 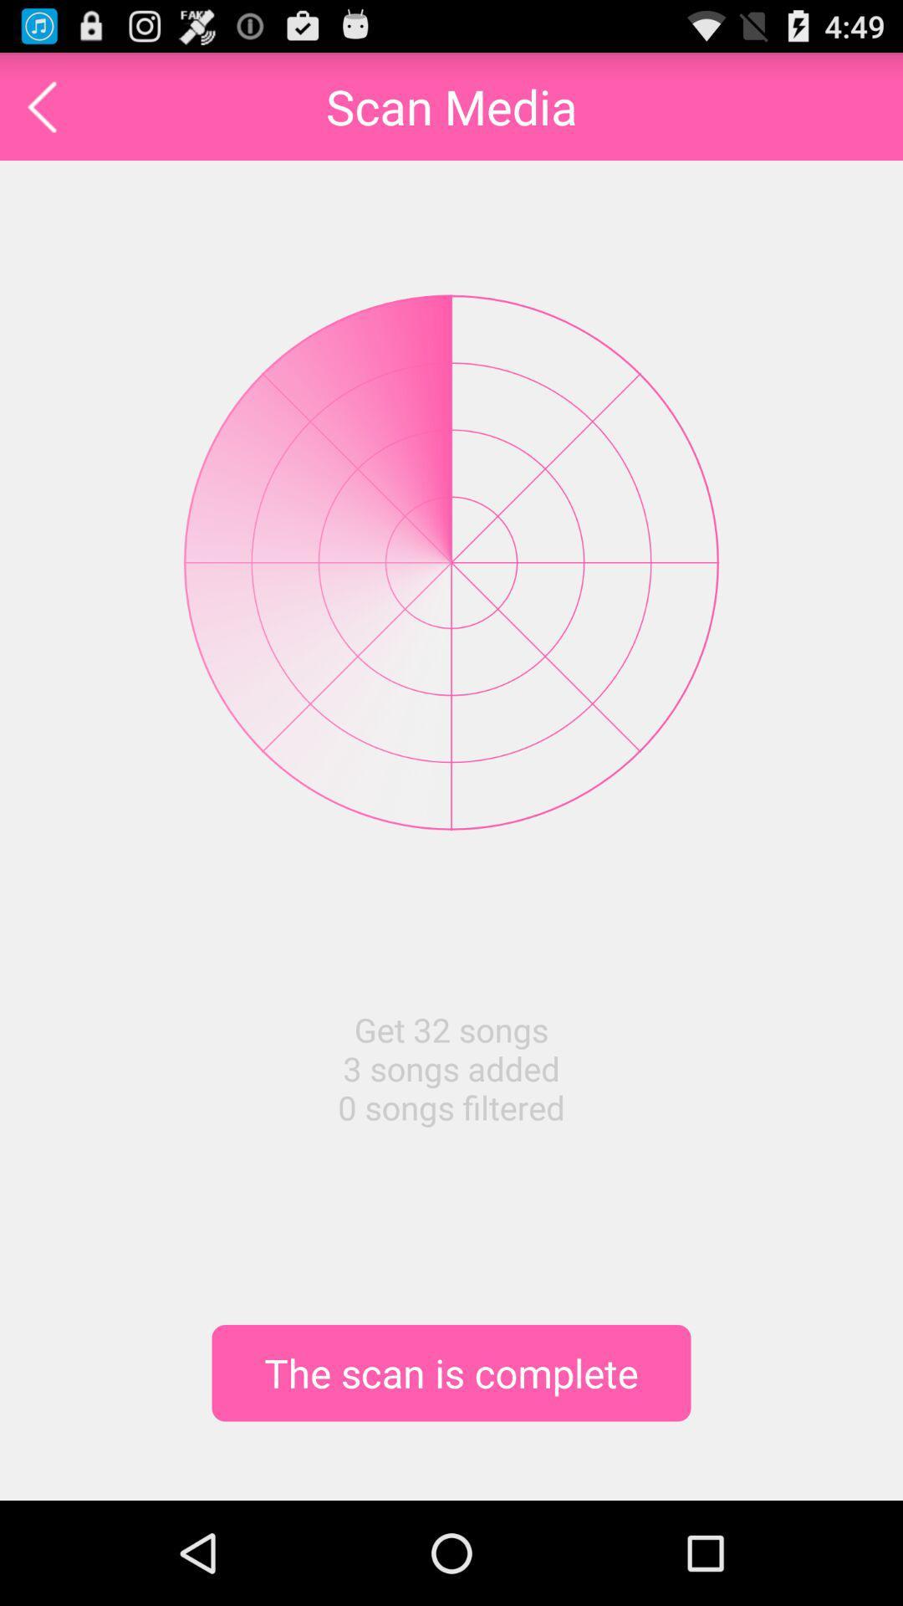 What do you see at coordinates (451, 1373) in the screenshot?
I see `app below get 32 songs` at bounding box center [451, 1373].